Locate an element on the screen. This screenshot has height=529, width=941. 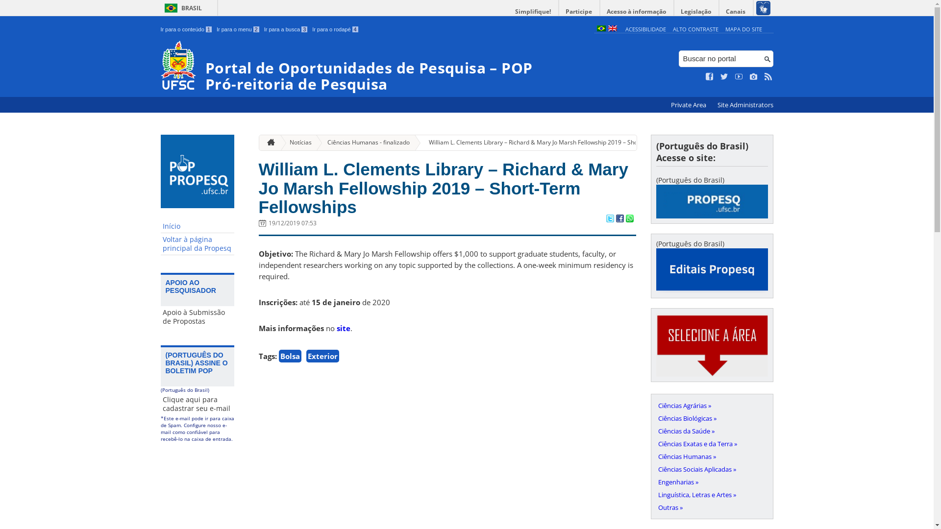
'Bolsa' is located at coordinates (289, 356).